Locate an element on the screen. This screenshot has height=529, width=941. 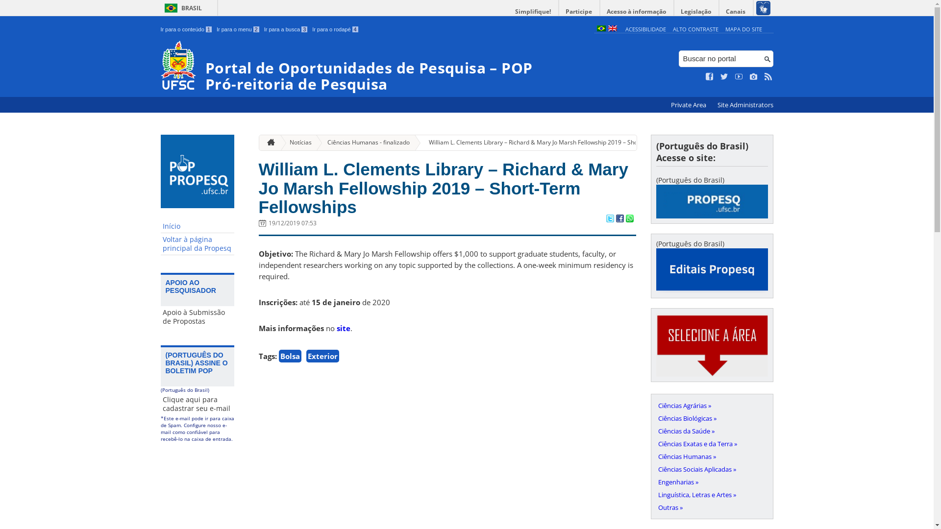
'Bolsa' is located at coordinates (289, 356).